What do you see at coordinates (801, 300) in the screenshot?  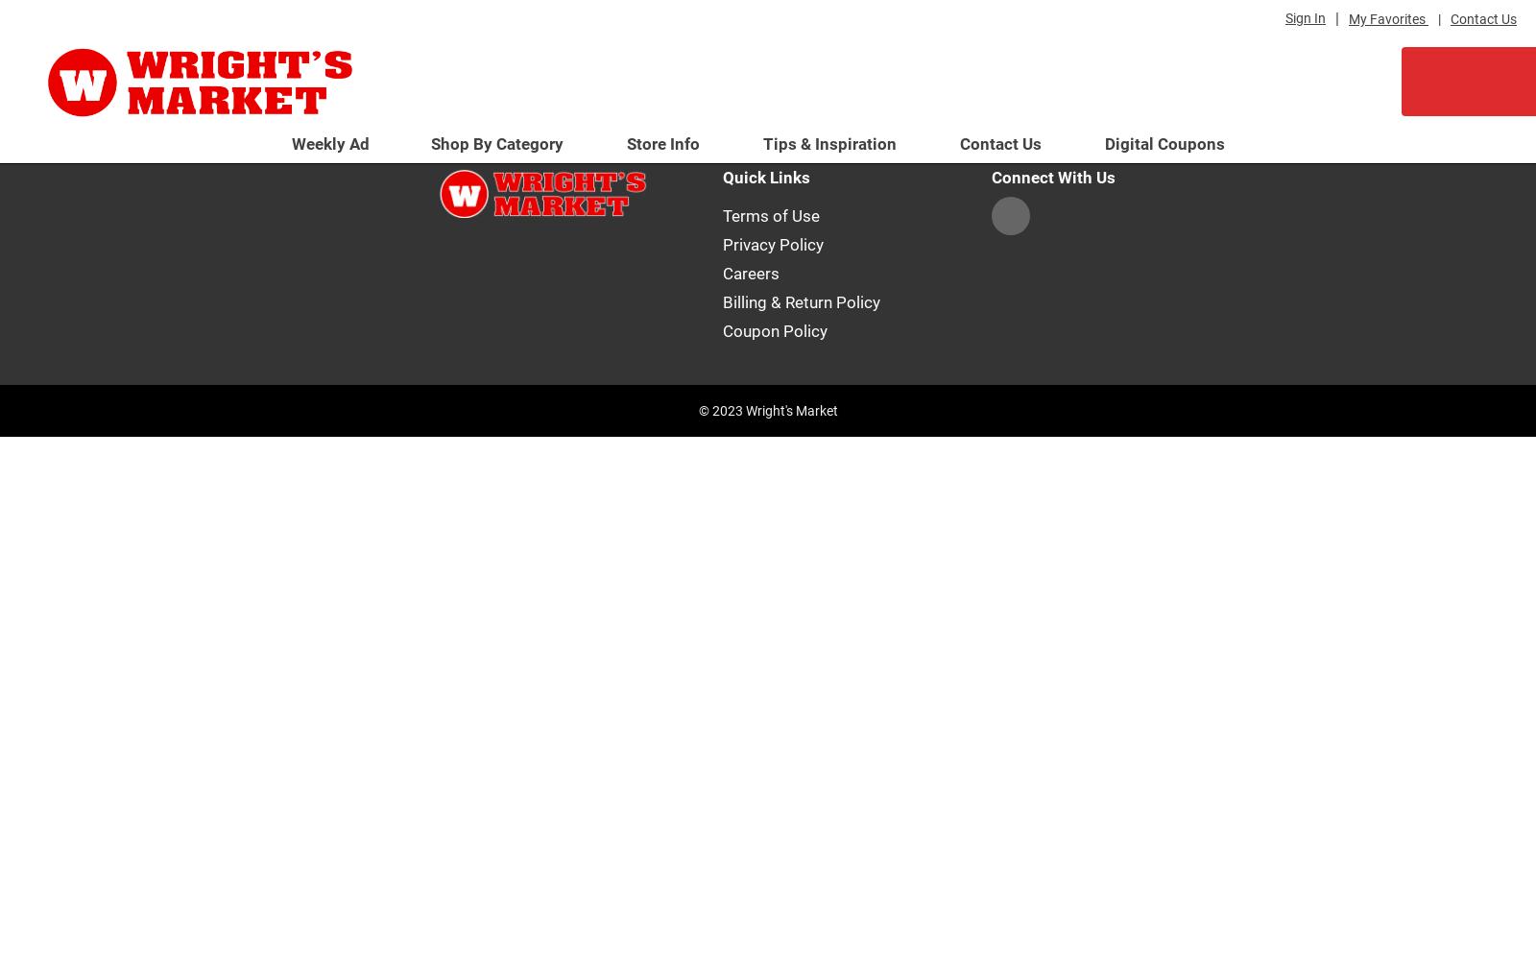 I see `'Billing & Return Policy'` at bounding box center [801, 300].